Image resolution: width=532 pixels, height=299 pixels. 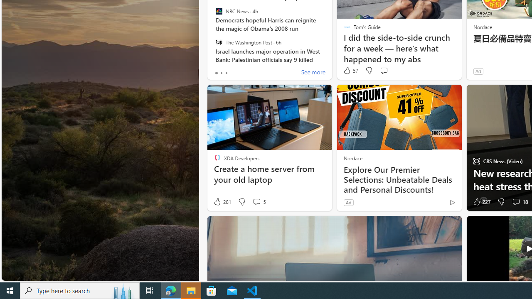 What do you see at coordinates (216, 73) in the screenshot?
I see `'tab-0'` at bounding box center [216, 73].